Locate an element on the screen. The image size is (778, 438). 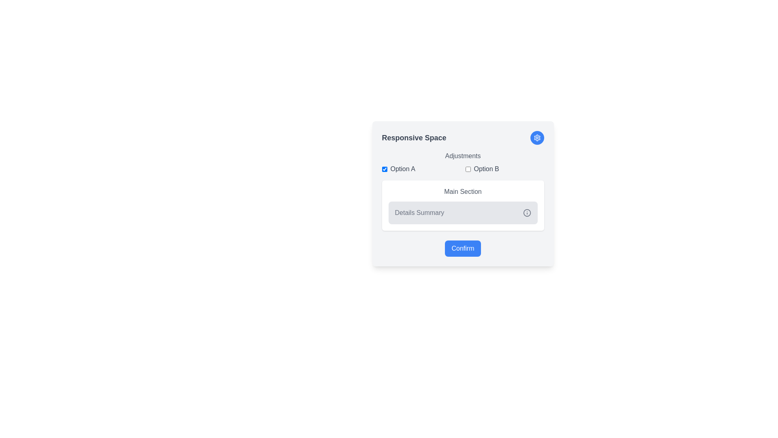
text of the label that is positioned to the right of the associated checkbox in the 'Adjustments' section of the modal box is located at coordinates (403, 168).